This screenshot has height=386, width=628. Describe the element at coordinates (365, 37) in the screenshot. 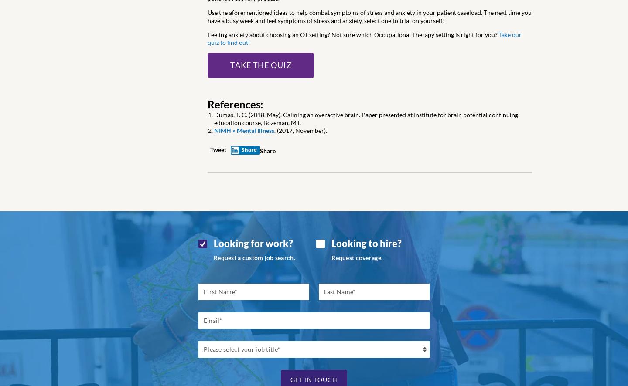

I see `'Take our quiz to find out!'` at that location.